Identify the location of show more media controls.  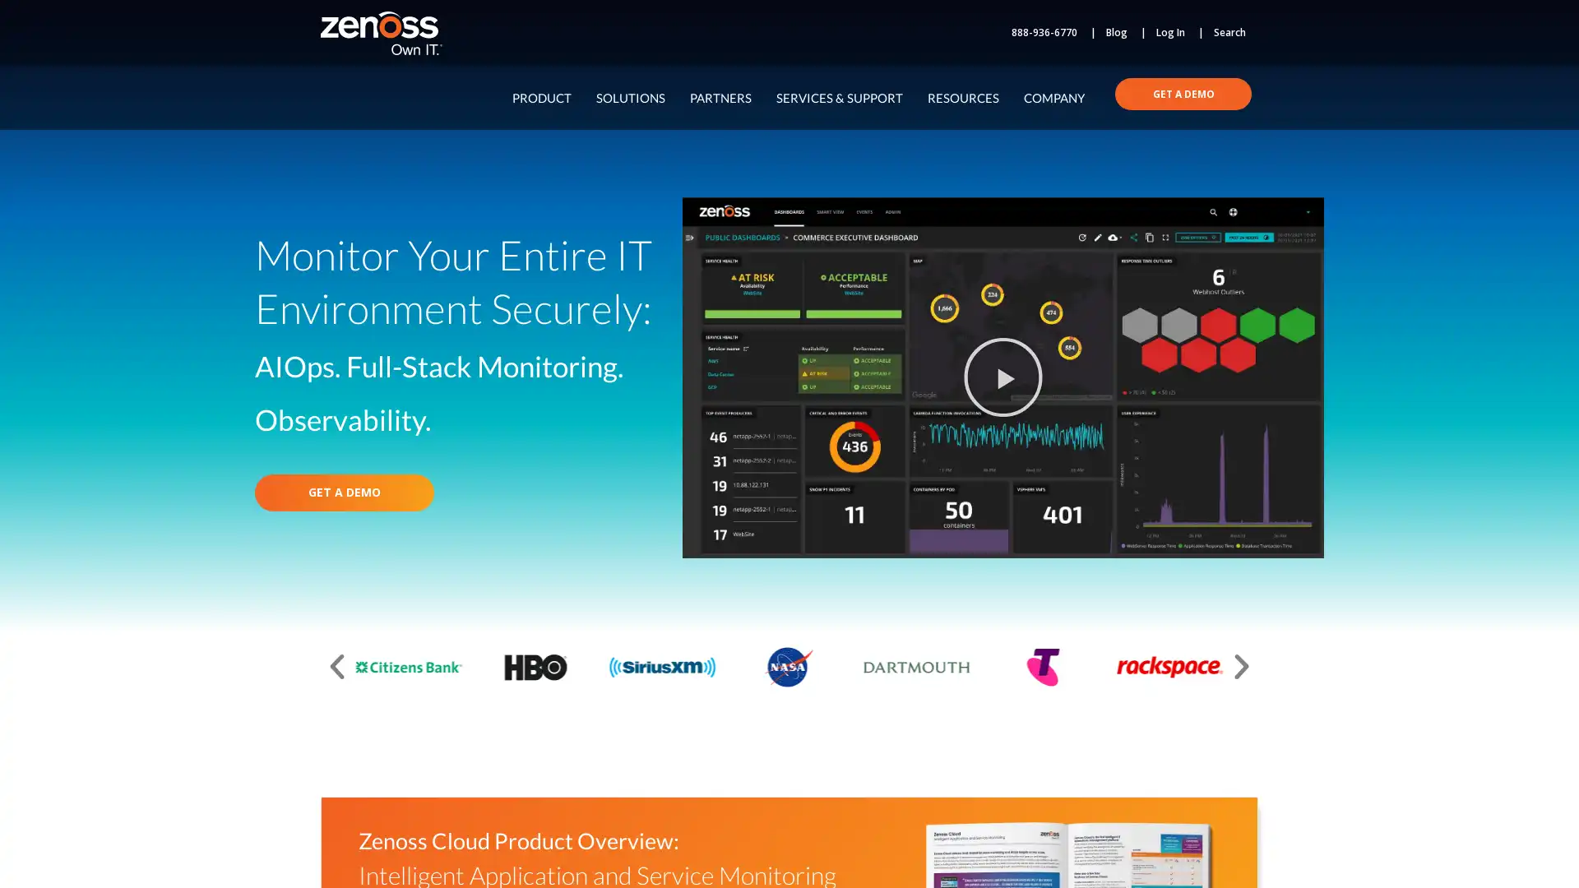
(1303, 479).